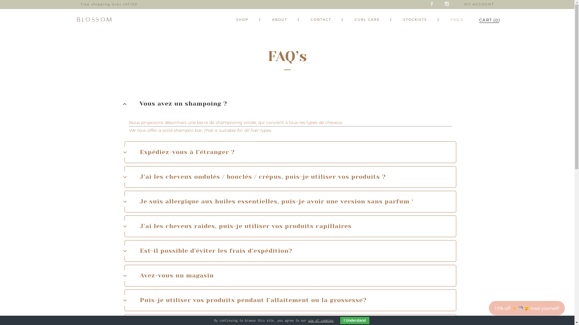  Describe the element at coordinates (485, 19) in the screenshot. I see `'0'` at that location.